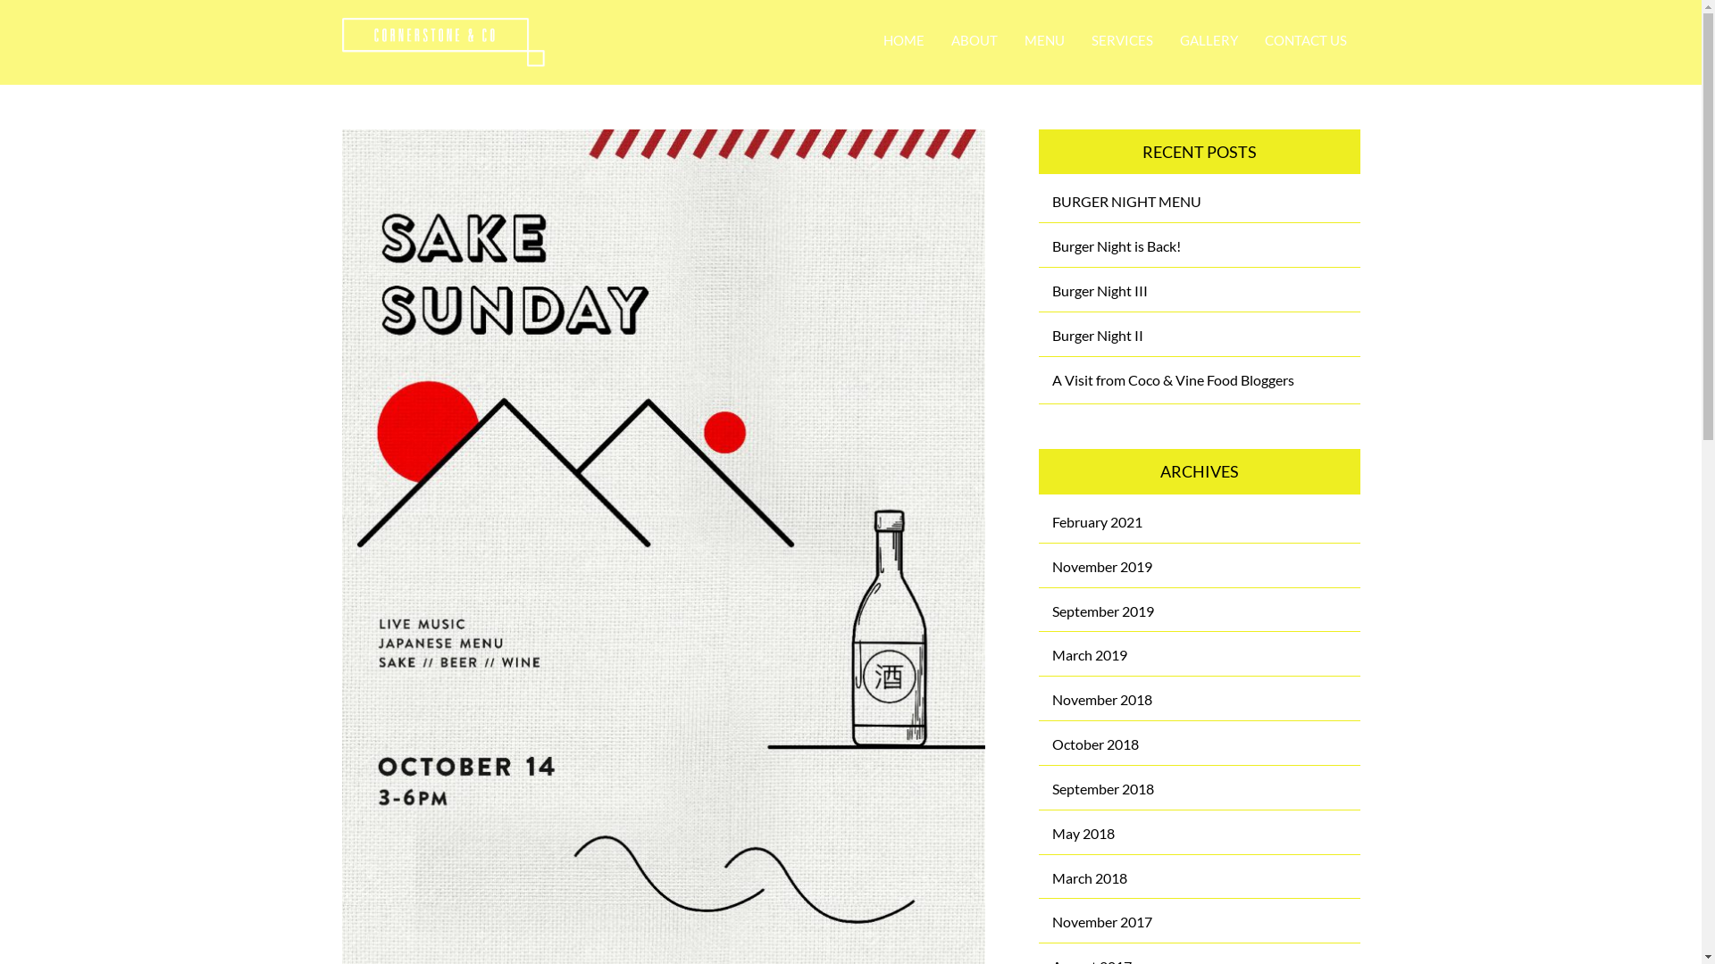 Image resolution: width=1715 pixels, height=964 pixels. What do you see at coordinates (1051, 833) in the screenshot?
I see `'May 2018'` at bounding box center [1051, 833].